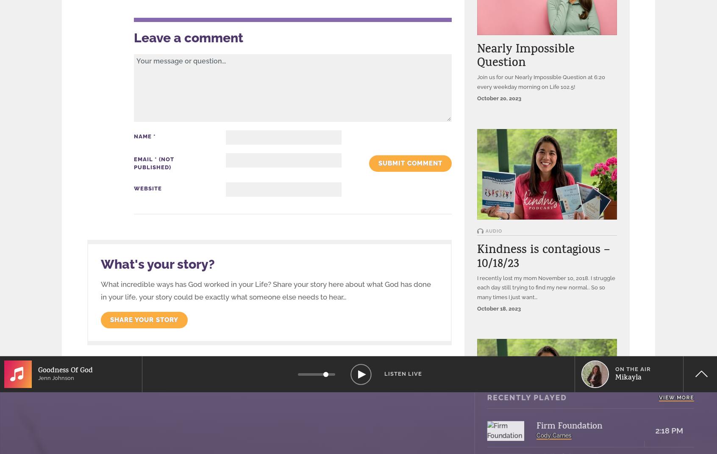 Image resolution: width=717 pixels, height=454 pixels. Describe the element at coordinates (704, 337) in the screenshot. I see `'XXL'` at that location.